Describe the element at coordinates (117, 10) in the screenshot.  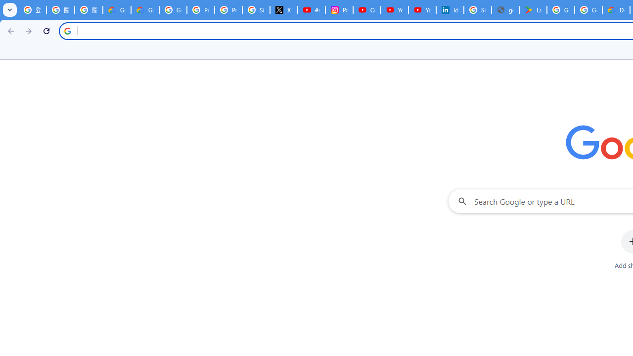
I see `'Google Cloud Privacy Notice'` at that location.